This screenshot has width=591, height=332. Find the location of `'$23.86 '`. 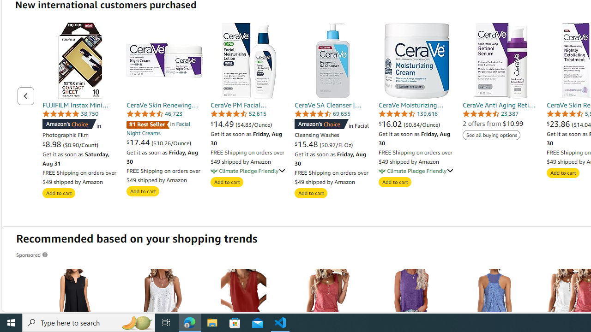

'$23.86 ' is located at coordinates (559, 123).